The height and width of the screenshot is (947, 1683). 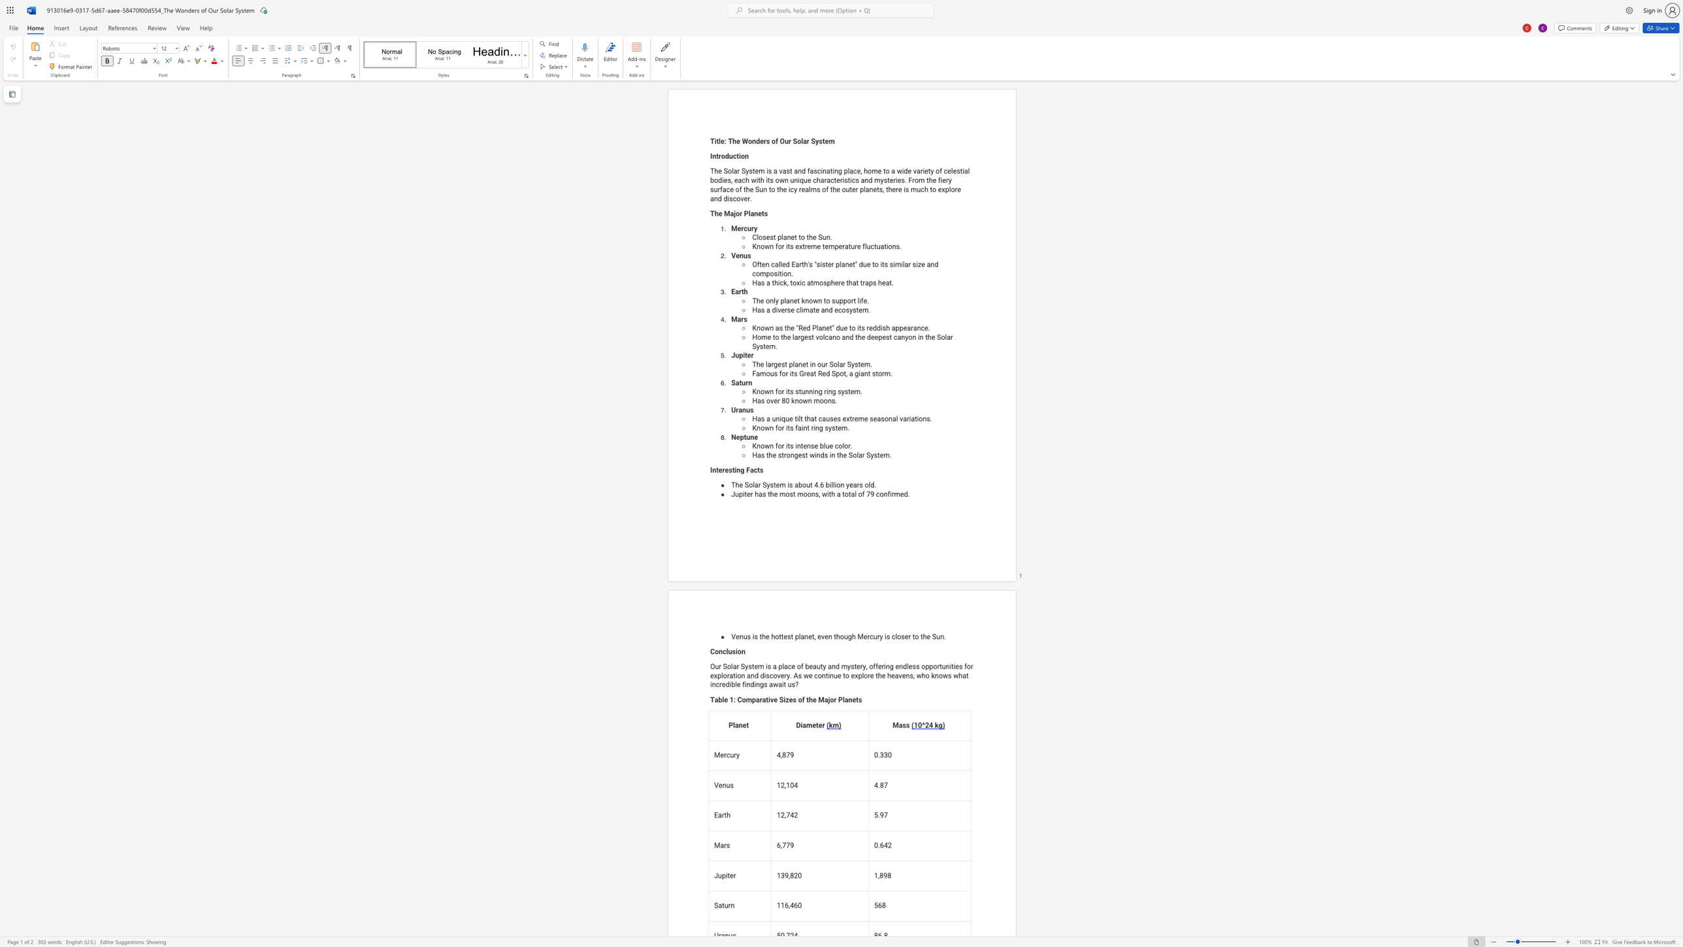 I want to click on the subset text "net in our Sola" within the text "The largest planet in our Solar System.", so click(x=798, y=364).